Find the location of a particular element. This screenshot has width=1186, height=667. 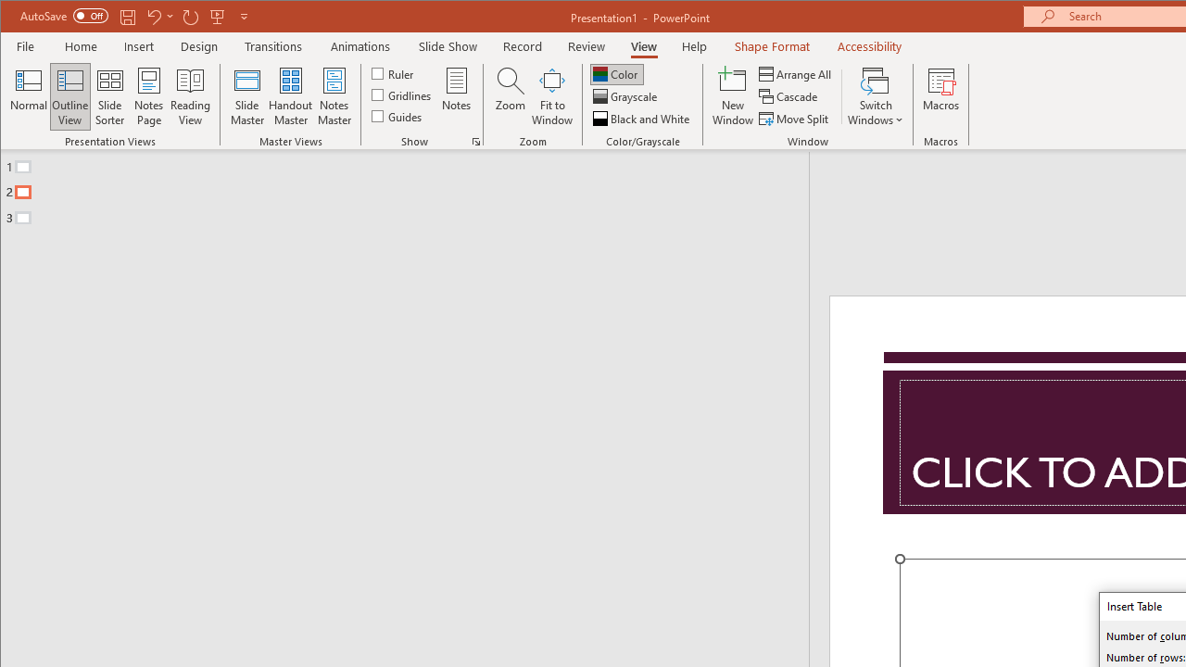

'Grayscale' is located at coordinates (626, 96).